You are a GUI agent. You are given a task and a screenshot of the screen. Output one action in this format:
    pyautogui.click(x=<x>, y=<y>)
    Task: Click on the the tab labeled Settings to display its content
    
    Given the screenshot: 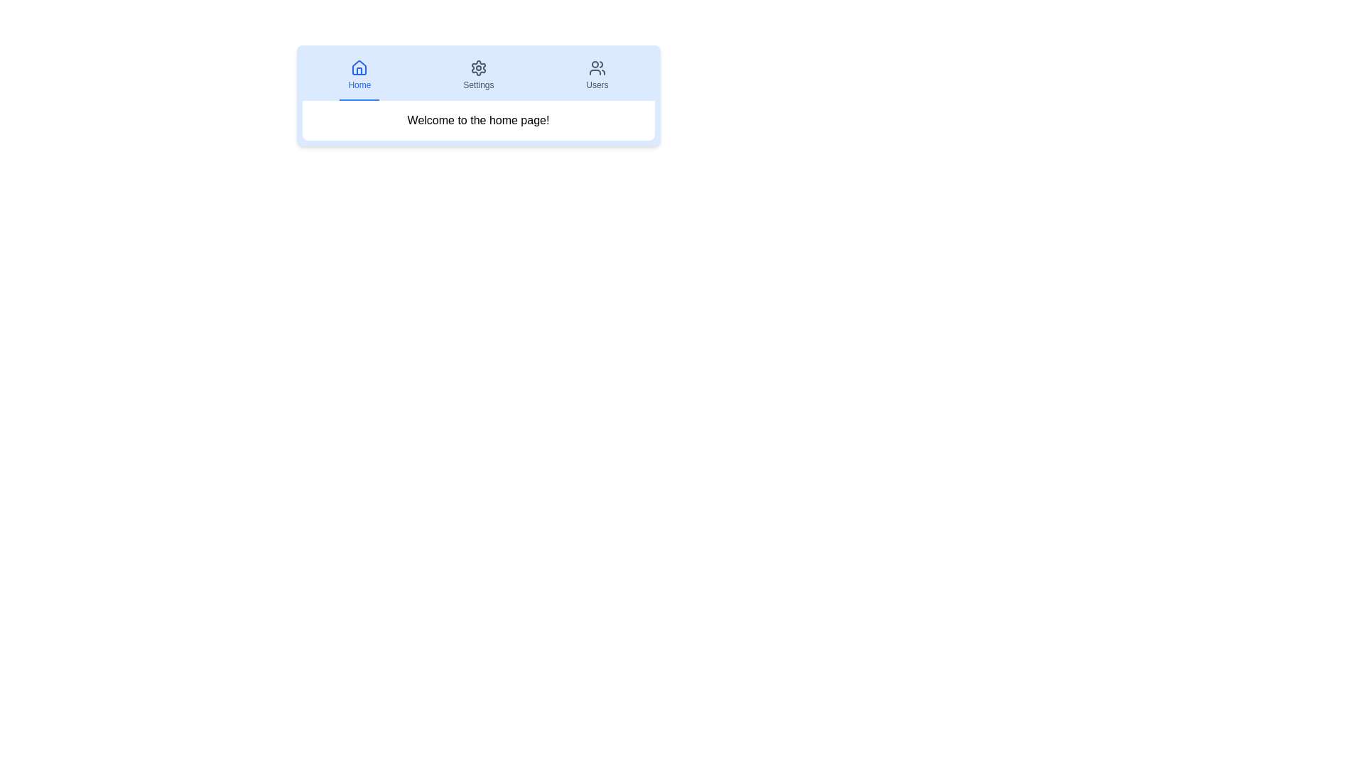 What is the action you would take?
    pyautogui.click(x=478, y=76)
    